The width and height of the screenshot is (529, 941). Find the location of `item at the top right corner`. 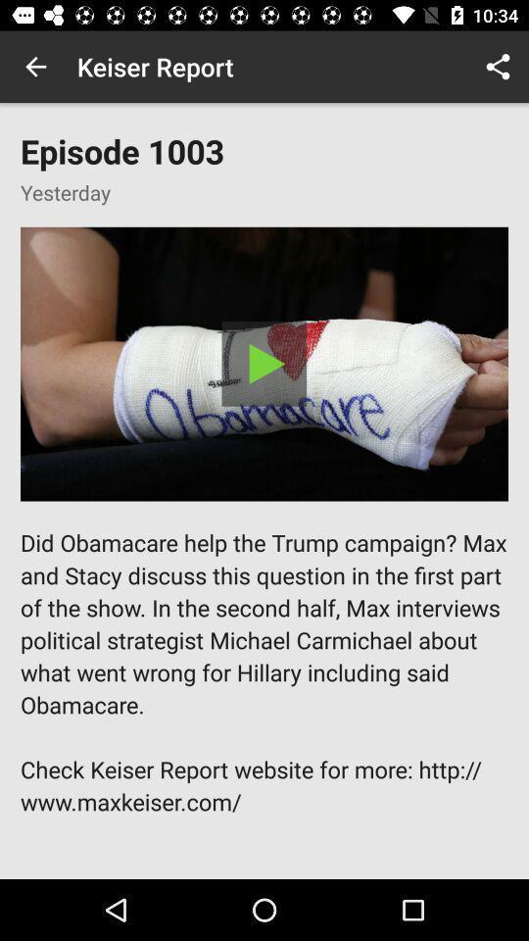

item at the top right corner is located at coordinates (498, 67).